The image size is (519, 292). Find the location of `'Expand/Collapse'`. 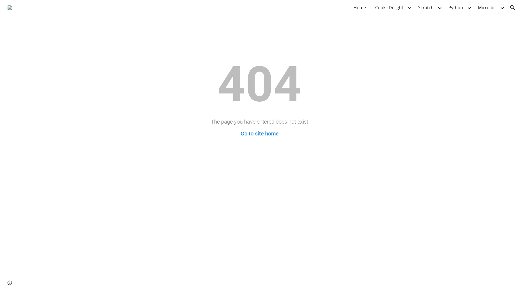

'Expand/Collapse' is located at coordinates (502, 7).